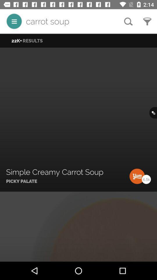 This screenshot has width=157, height=280. Describe the element at coordinates (14, 21) in the screenshot. I see `the menu bar` at that location.